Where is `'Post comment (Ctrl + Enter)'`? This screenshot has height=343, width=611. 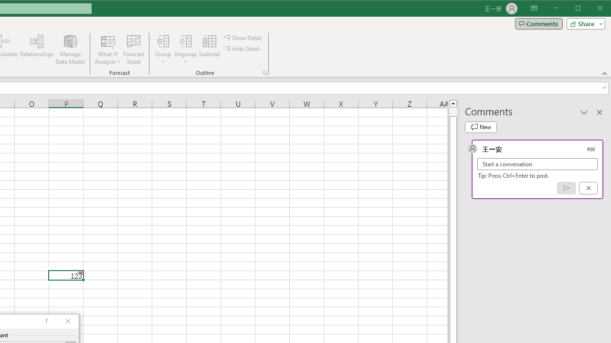
'Post comment (Ctrl + Enter)' is located at coordinates (566, 188).